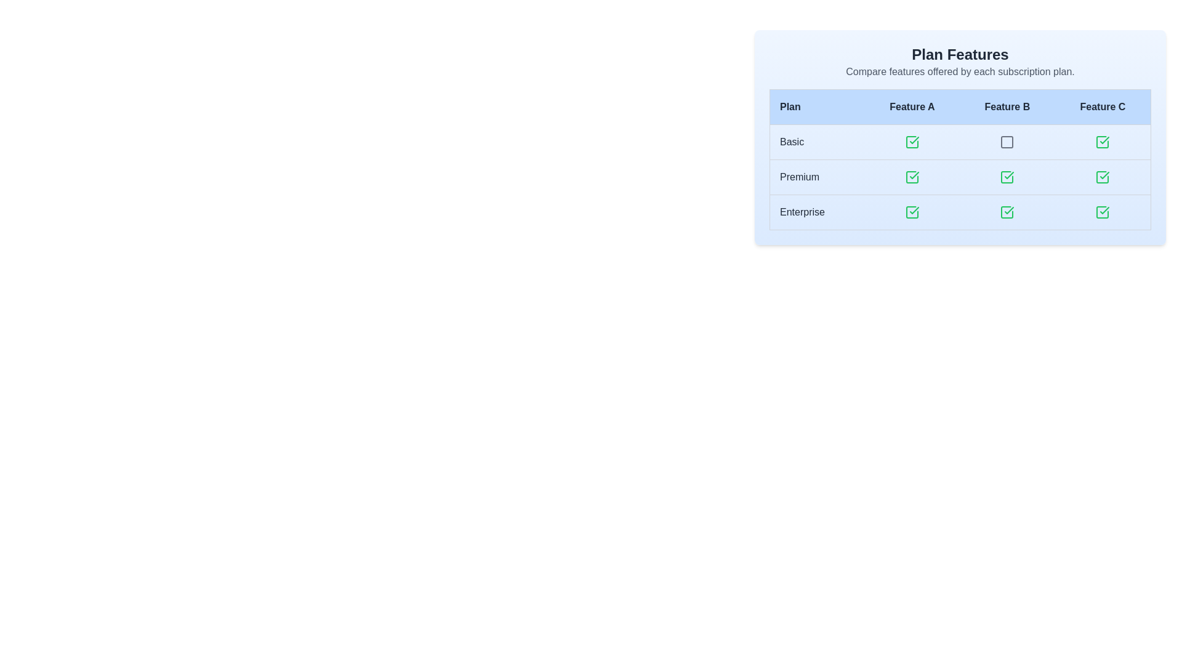 The height and width of the screenshot is (665, 1182). I want to click on the centrally located subscription plans comparison table, so click(960, 177).